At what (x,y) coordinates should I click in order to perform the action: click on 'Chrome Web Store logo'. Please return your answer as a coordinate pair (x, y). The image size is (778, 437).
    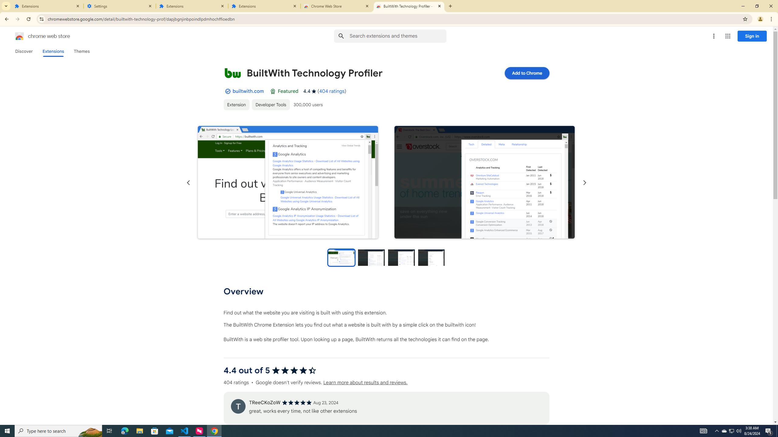
    Looking at the image, I should click on (19, 36).